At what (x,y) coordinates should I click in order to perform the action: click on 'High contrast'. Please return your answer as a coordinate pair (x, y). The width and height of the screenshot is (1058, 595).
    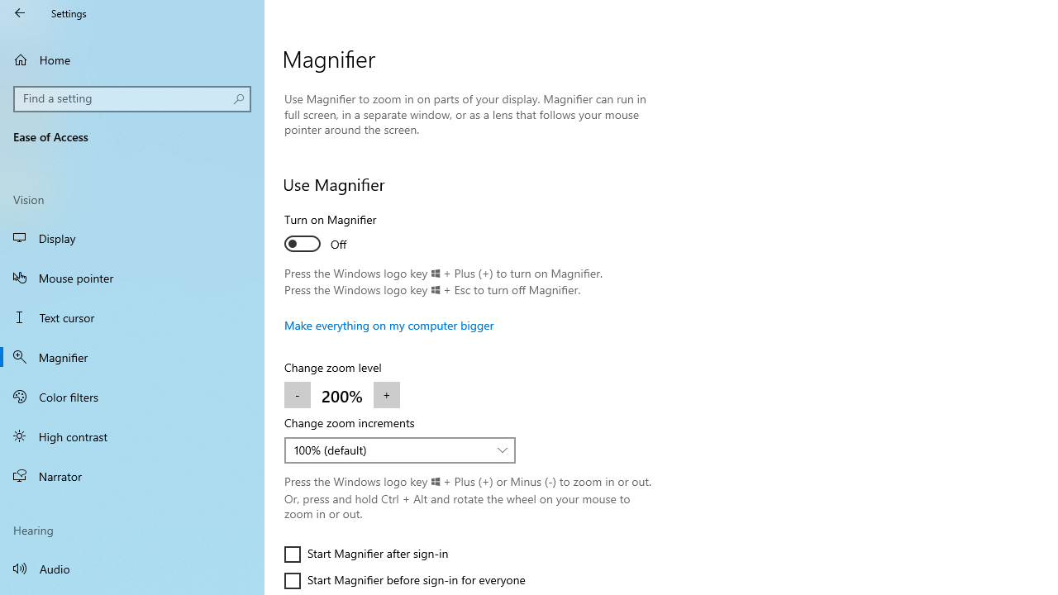
    Looking at the image, I should click on (132, 436).